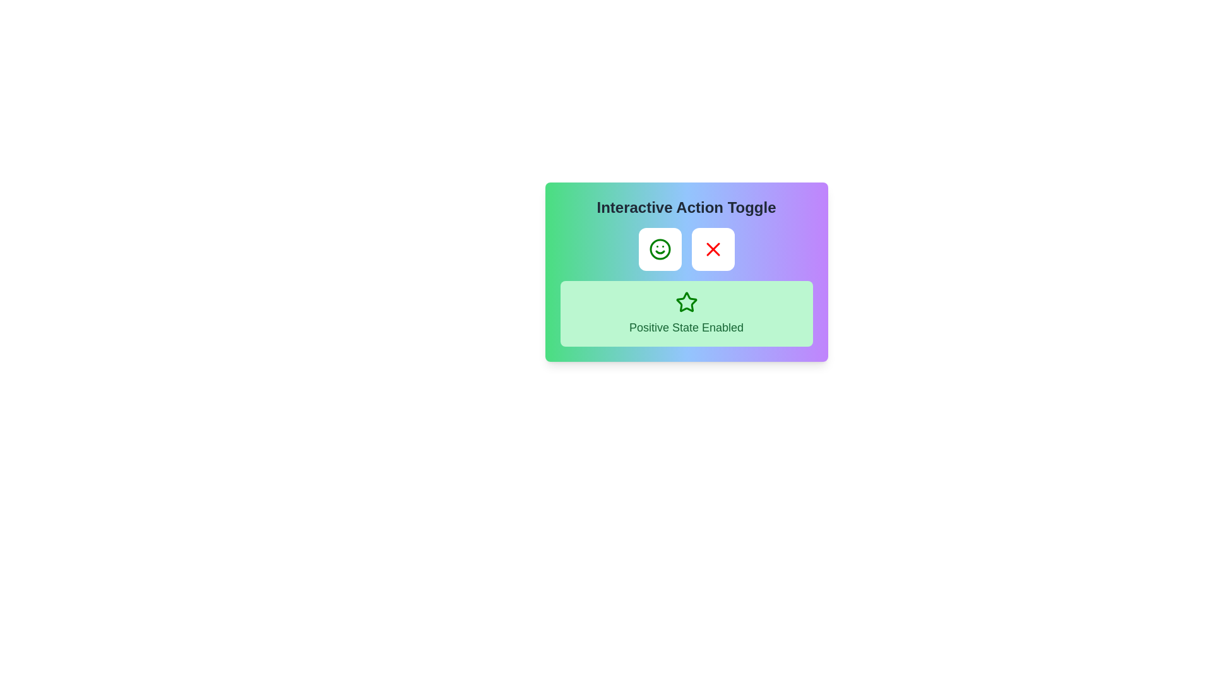  What do you see at coordinates (659, 249) in the screenshot?
I see `the circular green smiley face icon located in the upper section of the card layout` at bounding box center [659, 249].